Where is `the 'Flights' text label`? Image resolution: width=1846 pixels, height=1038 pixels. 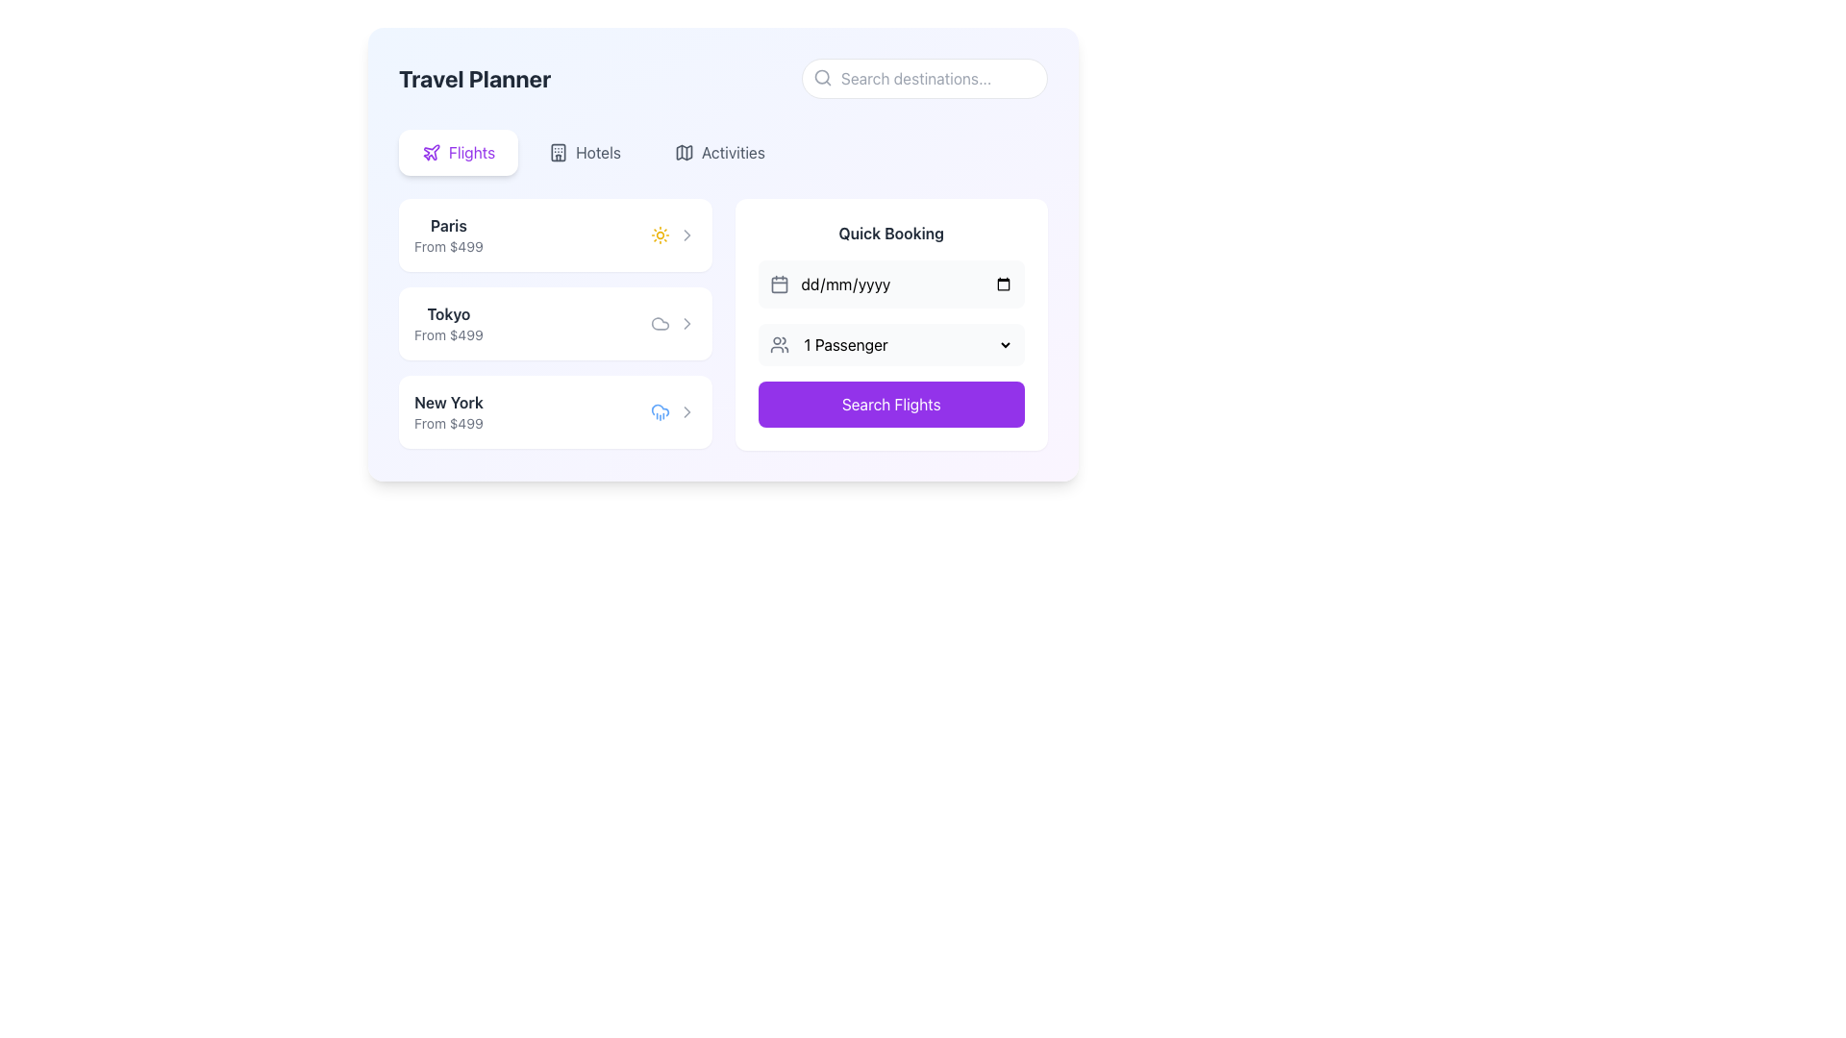 the 'Flights' text label is located at coordinates (472, 151).